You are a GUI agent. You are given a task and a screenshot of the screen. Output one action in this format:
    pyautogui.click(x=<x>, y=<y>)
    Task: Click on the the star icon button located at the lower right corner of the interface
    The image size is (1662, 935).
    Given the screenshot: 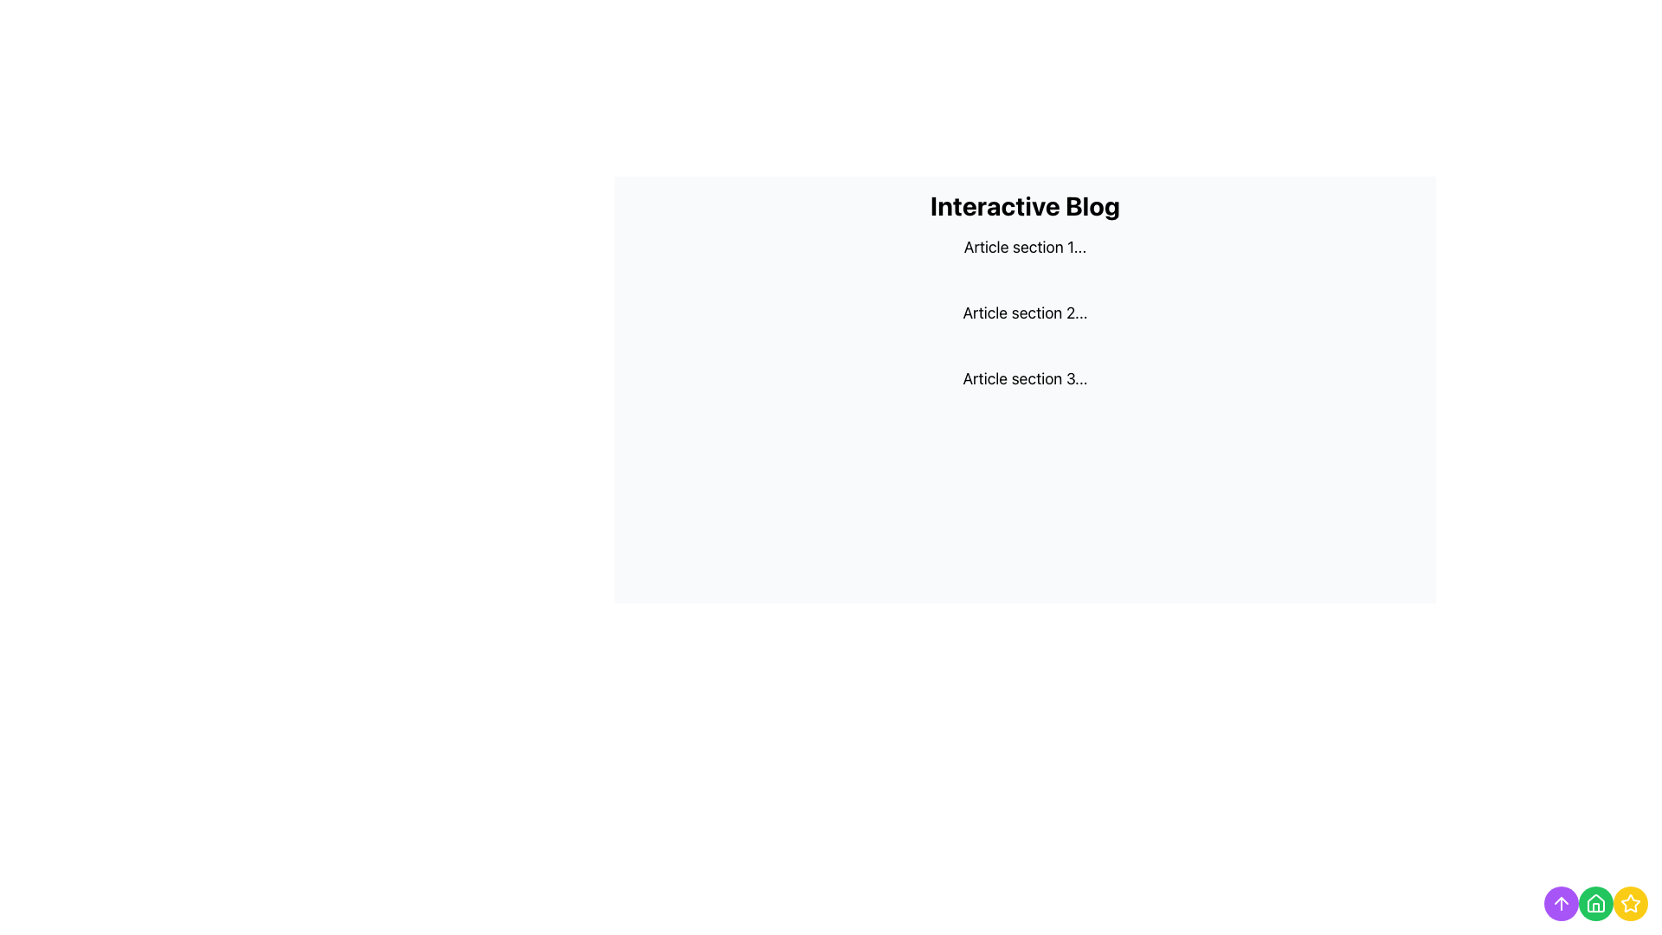 What is the action you would take?
    pyautogui.click(x=1629, y=903)
    